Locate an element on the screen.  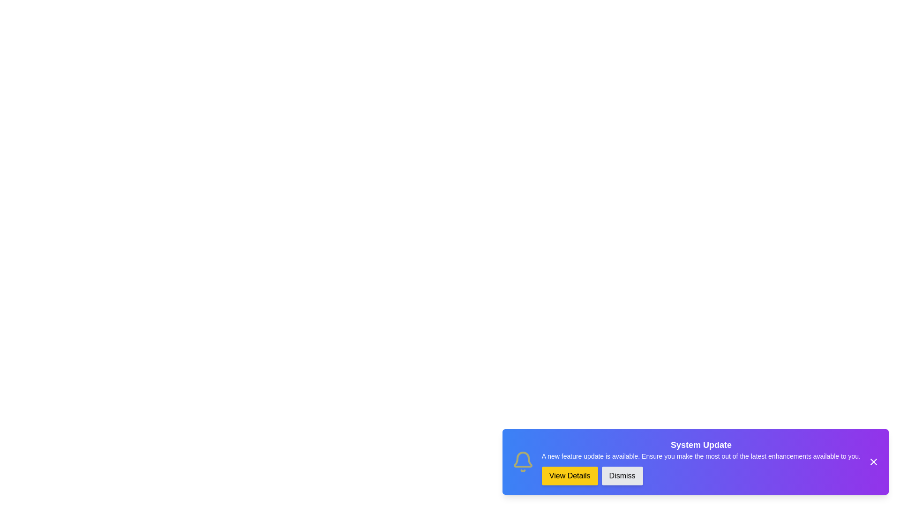
the Dismiss button to see its hover effect is located at coordinates (622, 476).